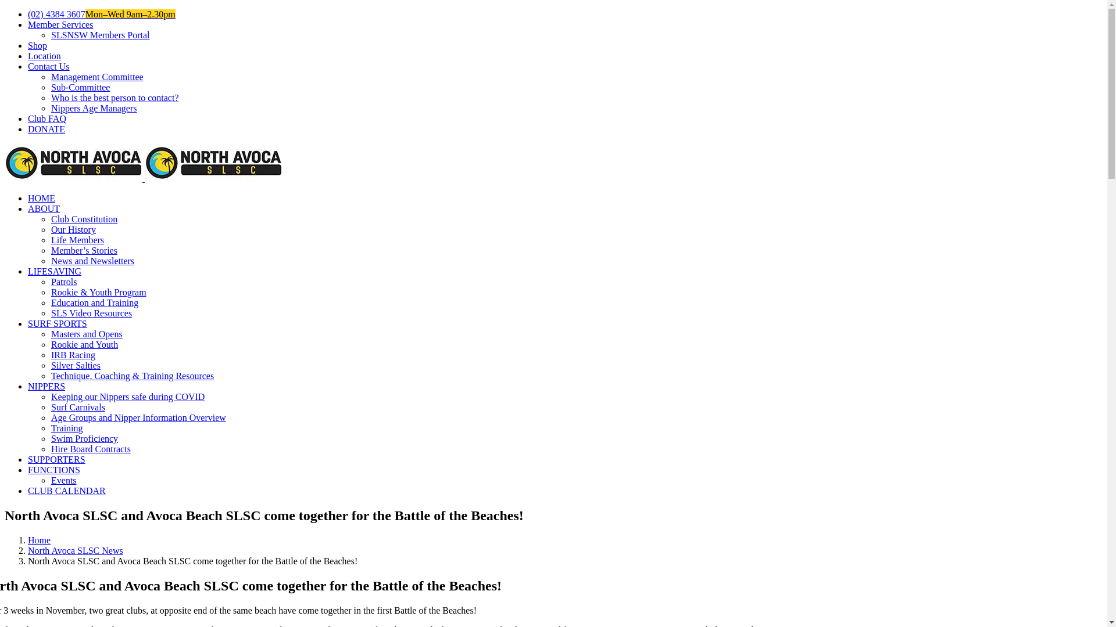  I want to click on 'News and Newsletters', so click(92, 260).